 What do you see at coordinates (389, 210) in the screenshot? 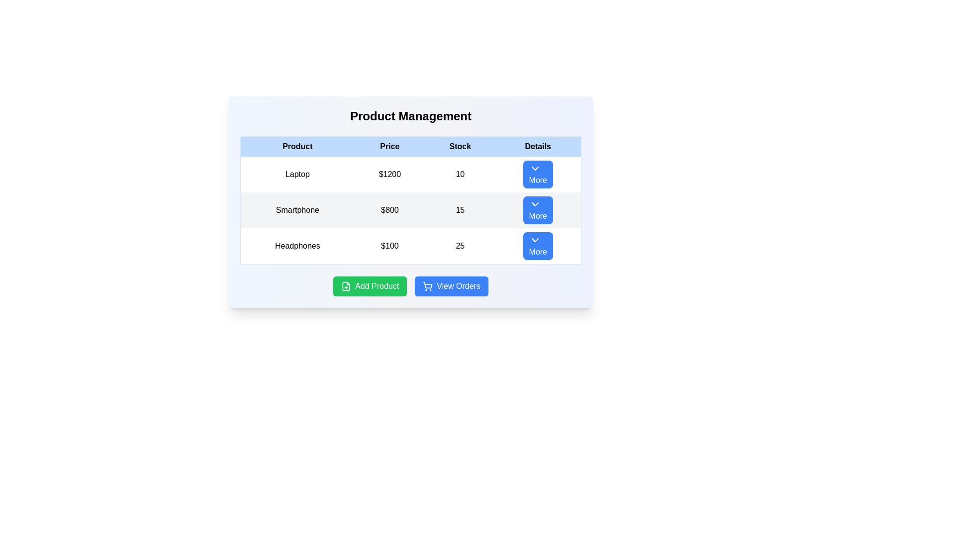
I see `the Text label displaying the monetary value '$800' in bold font, located in the second row of the table under the 'Price' column for the product 'Smartphone'` at bounding box center [389, 210].